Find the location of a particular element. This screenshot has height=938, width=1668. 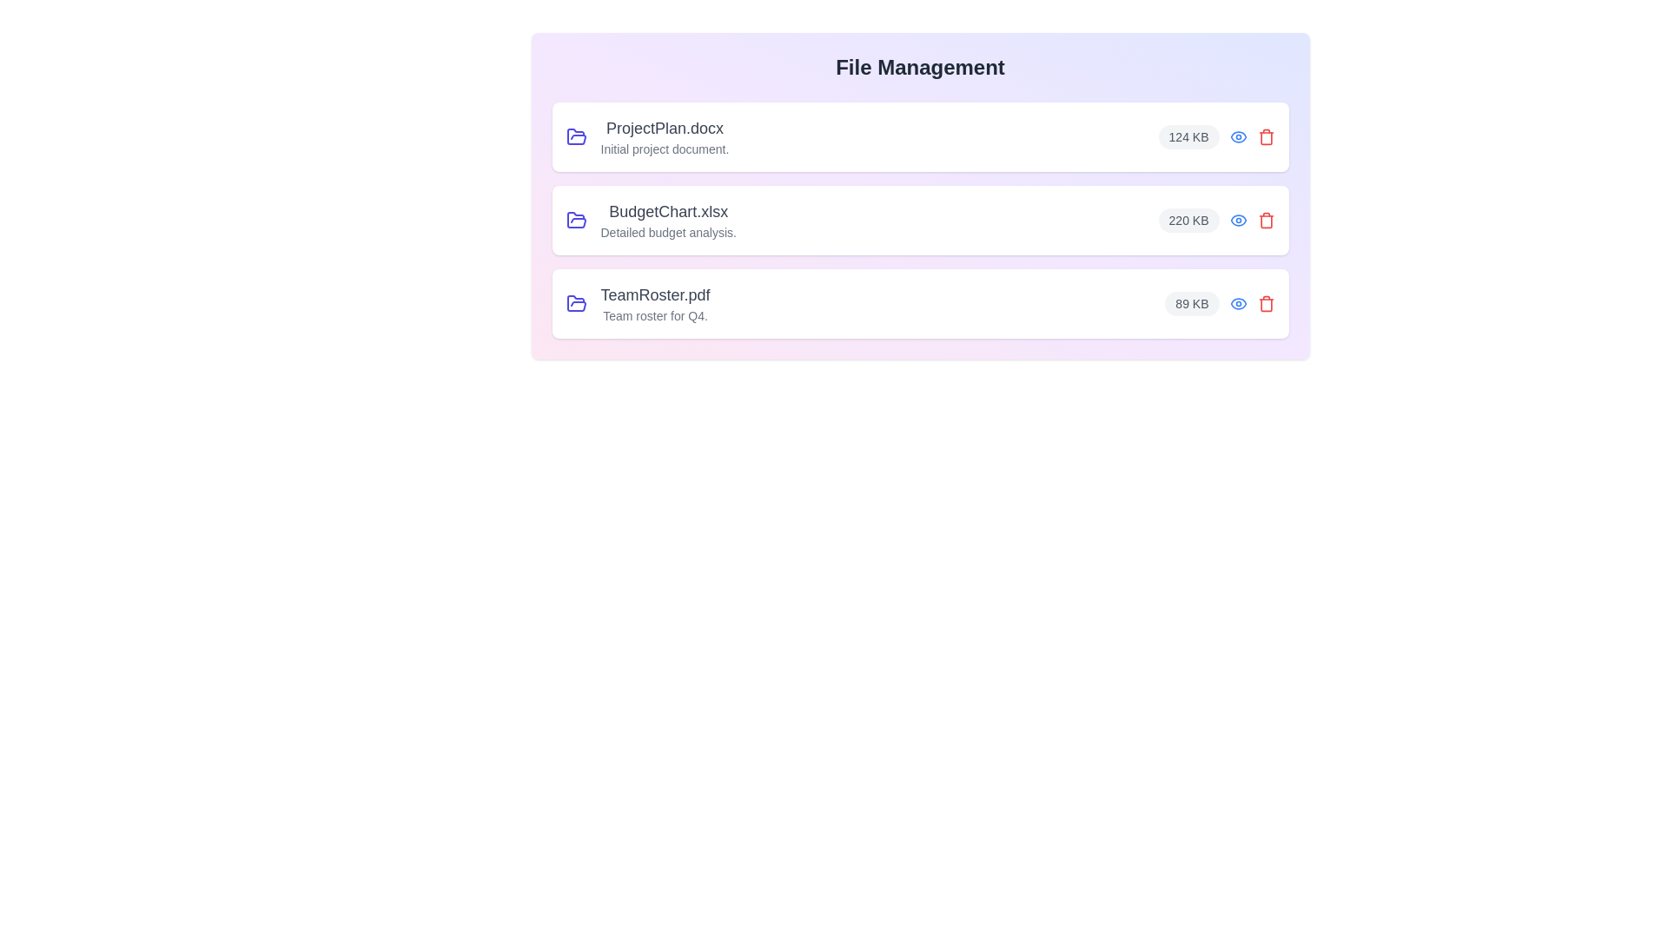

the file name and size for the file BudgetChart.xlsx is located at coordinates (649, 220).